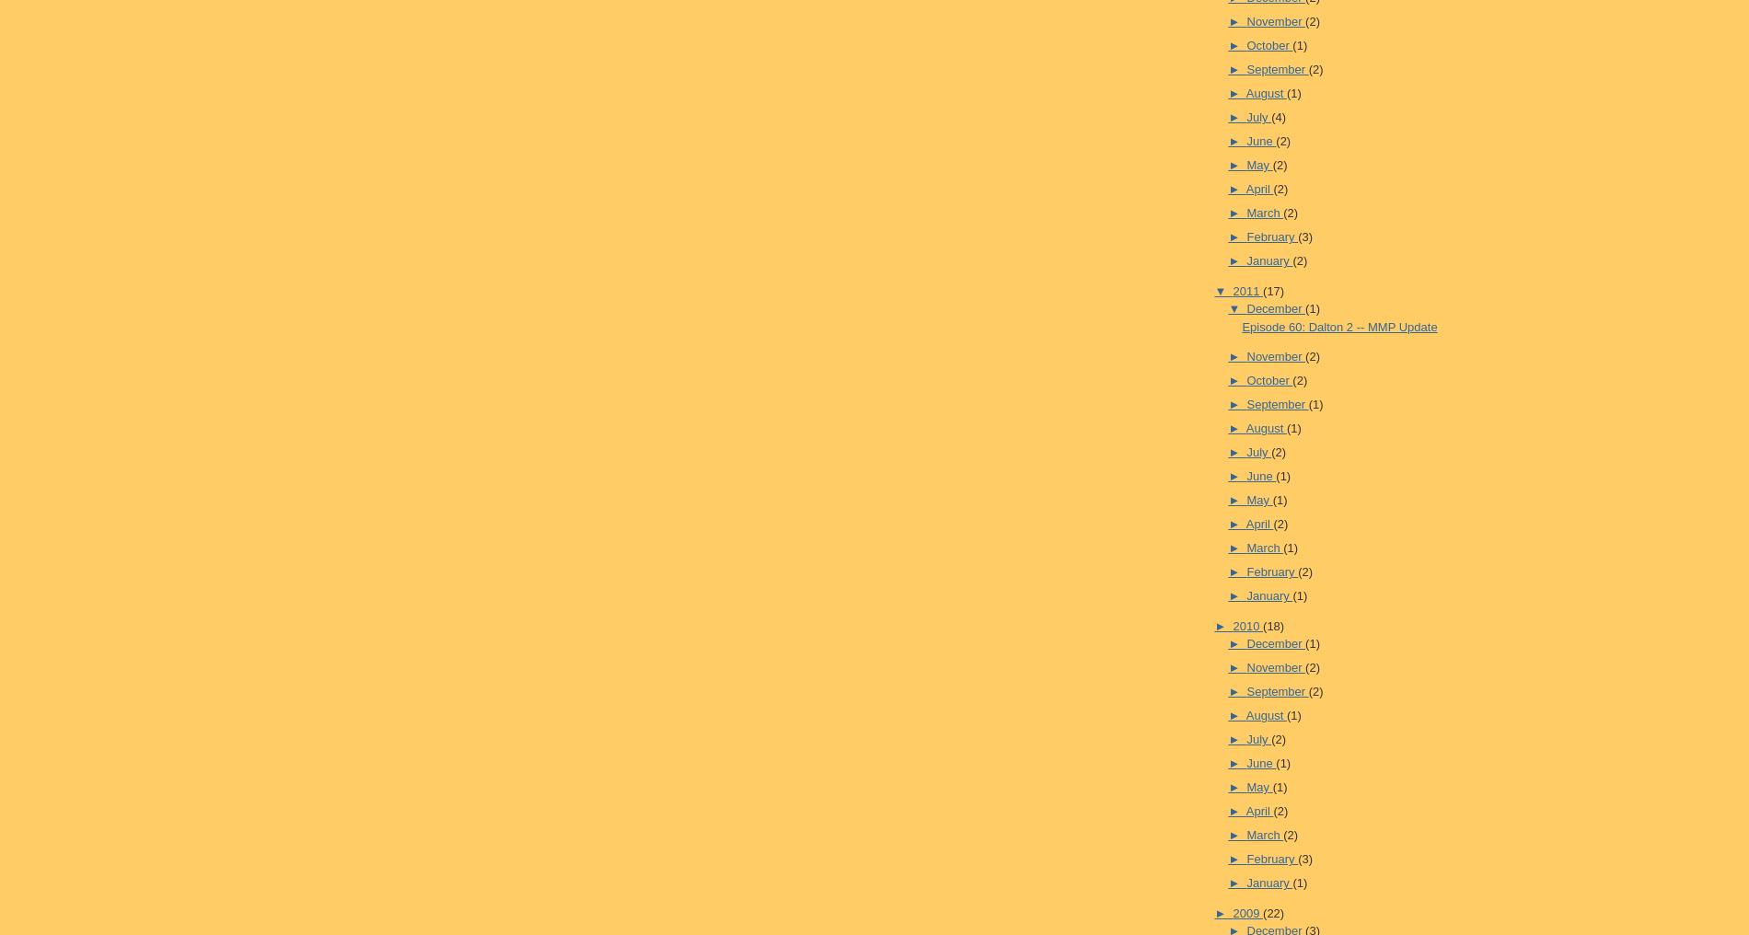  What do you see at coordinates (1278, 117) in the screenshot?
I see `'(4)'` at bounding box center [1278, 117].